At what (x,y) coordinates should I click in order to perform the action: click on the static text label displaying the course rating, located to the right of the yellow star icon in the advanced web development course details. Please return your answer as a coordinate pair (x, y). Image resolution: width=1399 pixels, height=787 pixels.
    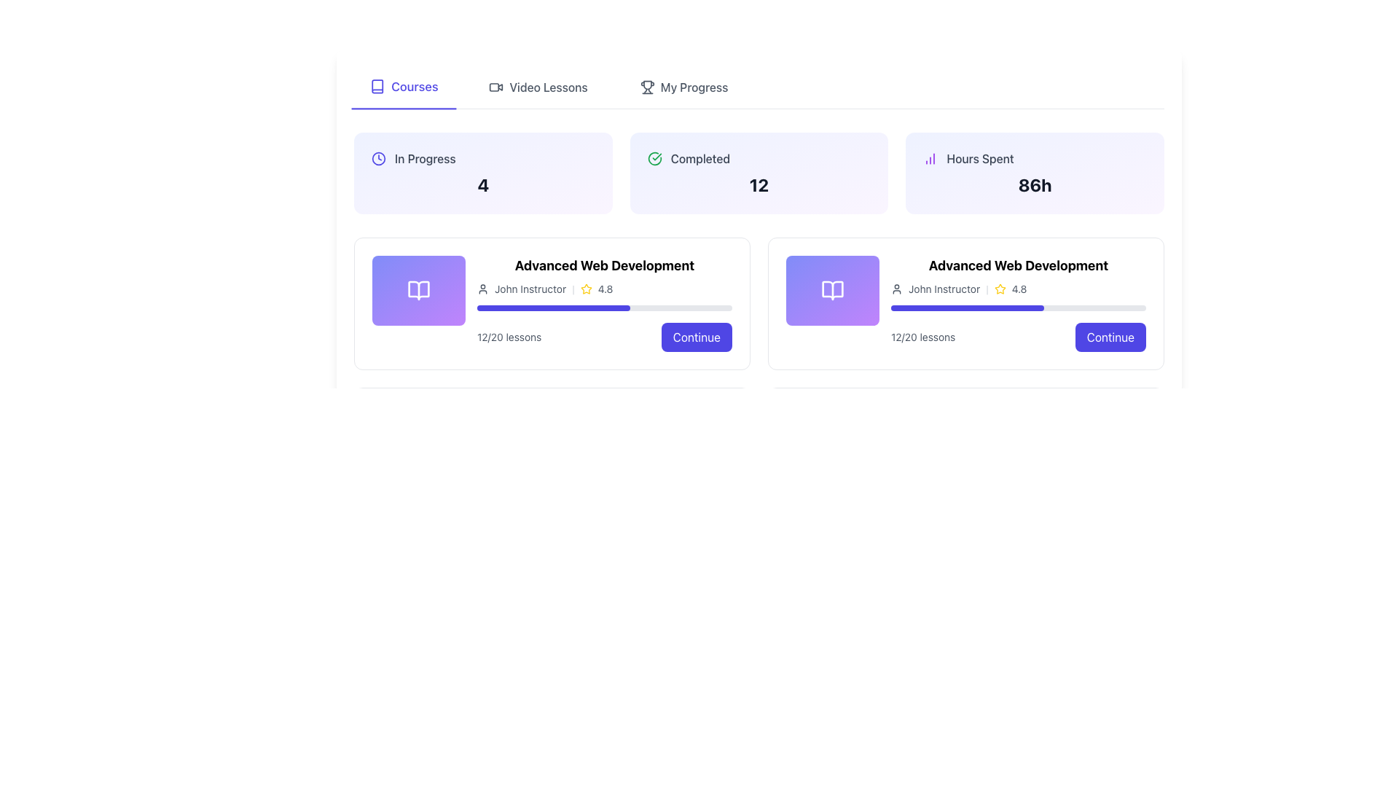
    Looking at the image, I should click on (605, 289).